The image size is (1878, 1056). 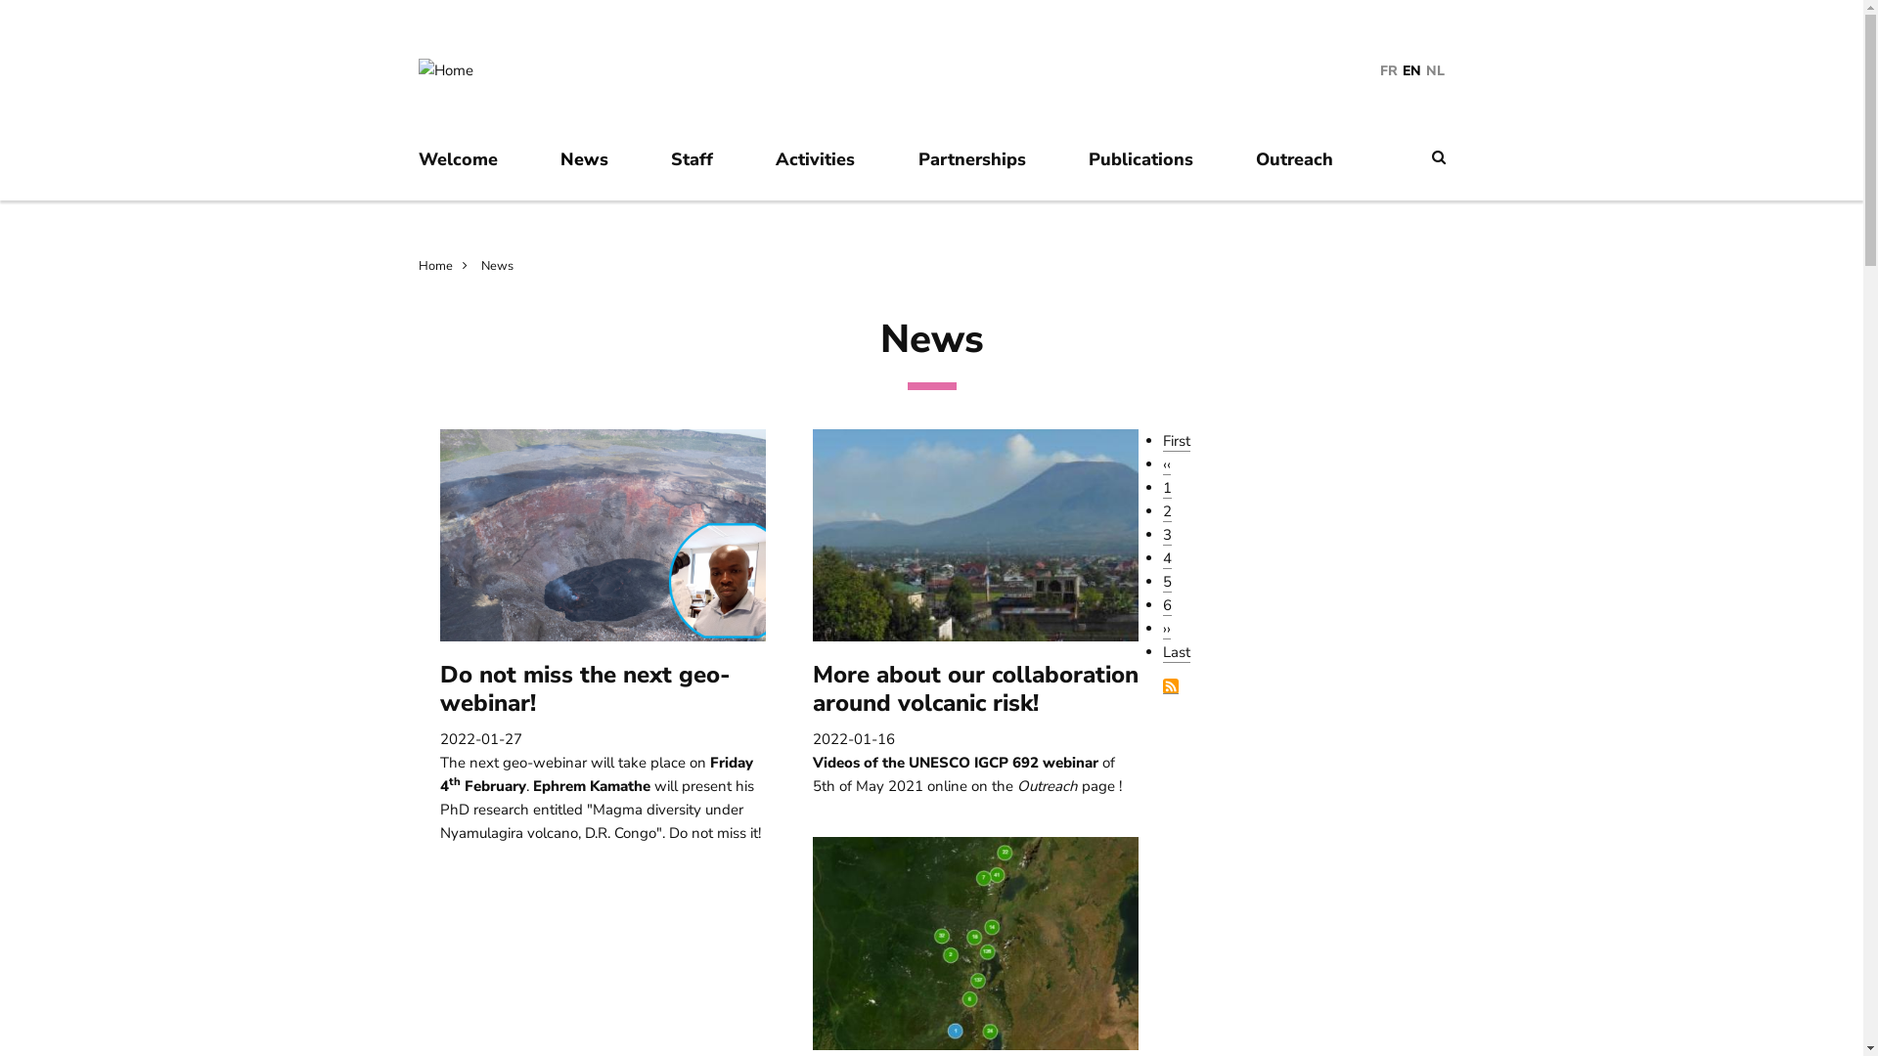 I want to click on 'Partnerships', so click(x=981, y=169).